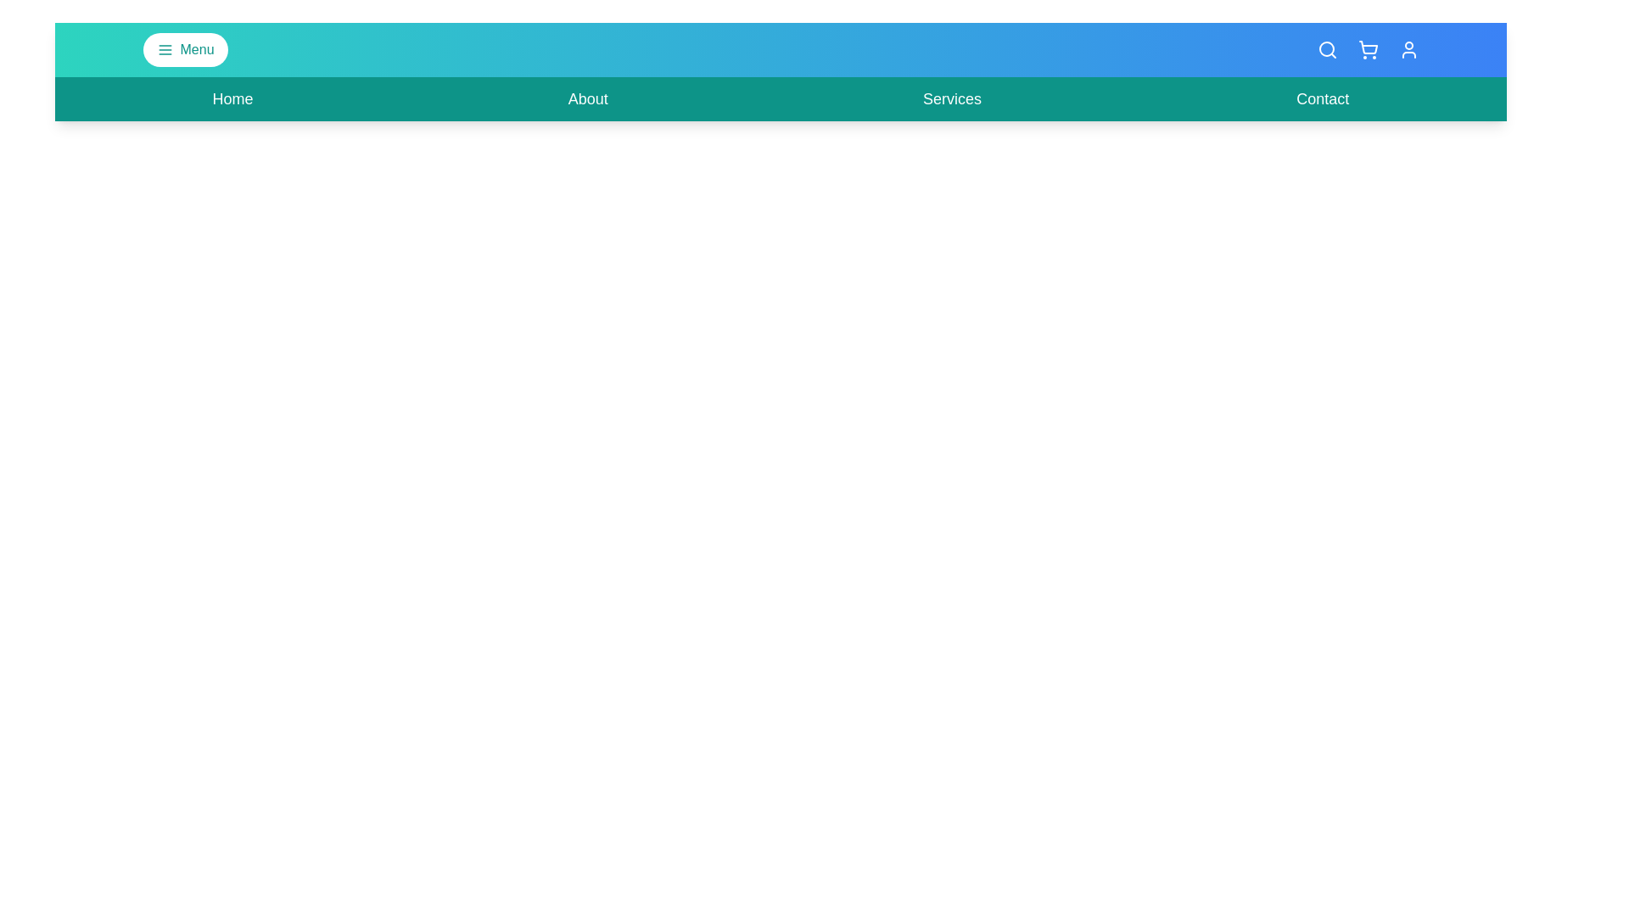 The image size is (1629, 916). Describe the element at coordinates (1368, 48) in the screenshot. I see `the 'Shopping Cart' icon to open the shopping cart` at that location.